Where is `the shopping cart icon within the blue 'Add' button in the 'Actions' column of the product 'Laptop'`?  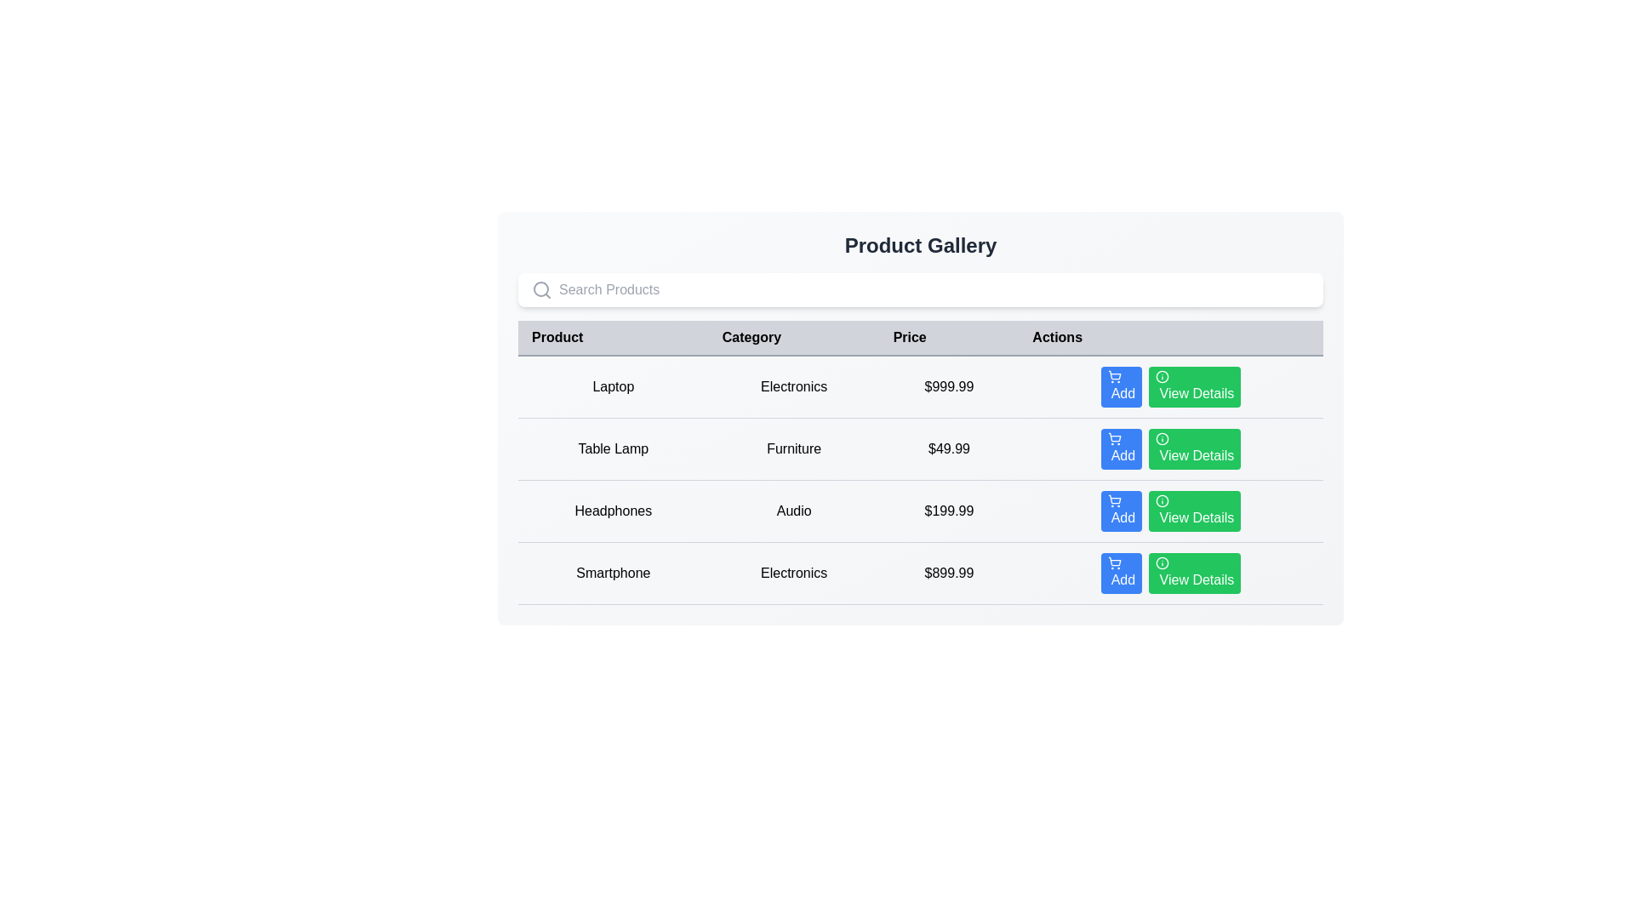
the shopping cart icon within the blue 'Add' button in the 'Actions' column of the product 'Laptop' is located at coordinates (1115, 376).